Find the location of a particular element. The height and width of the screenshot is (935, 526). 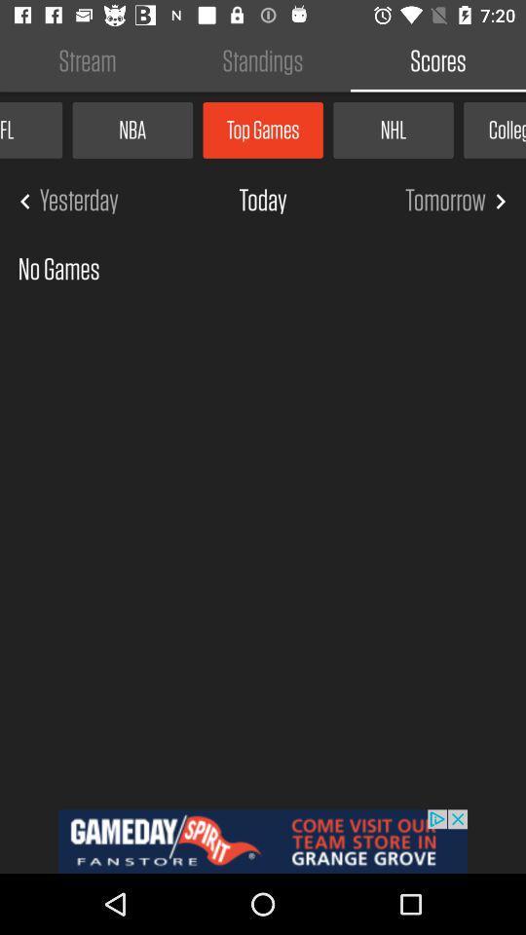

advetisement is located at coordinates (263, 841).